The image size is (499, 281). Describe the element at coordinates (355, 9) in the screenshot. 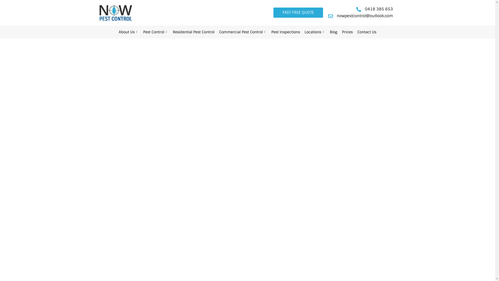

I see `'0418 385 653'` at that location.